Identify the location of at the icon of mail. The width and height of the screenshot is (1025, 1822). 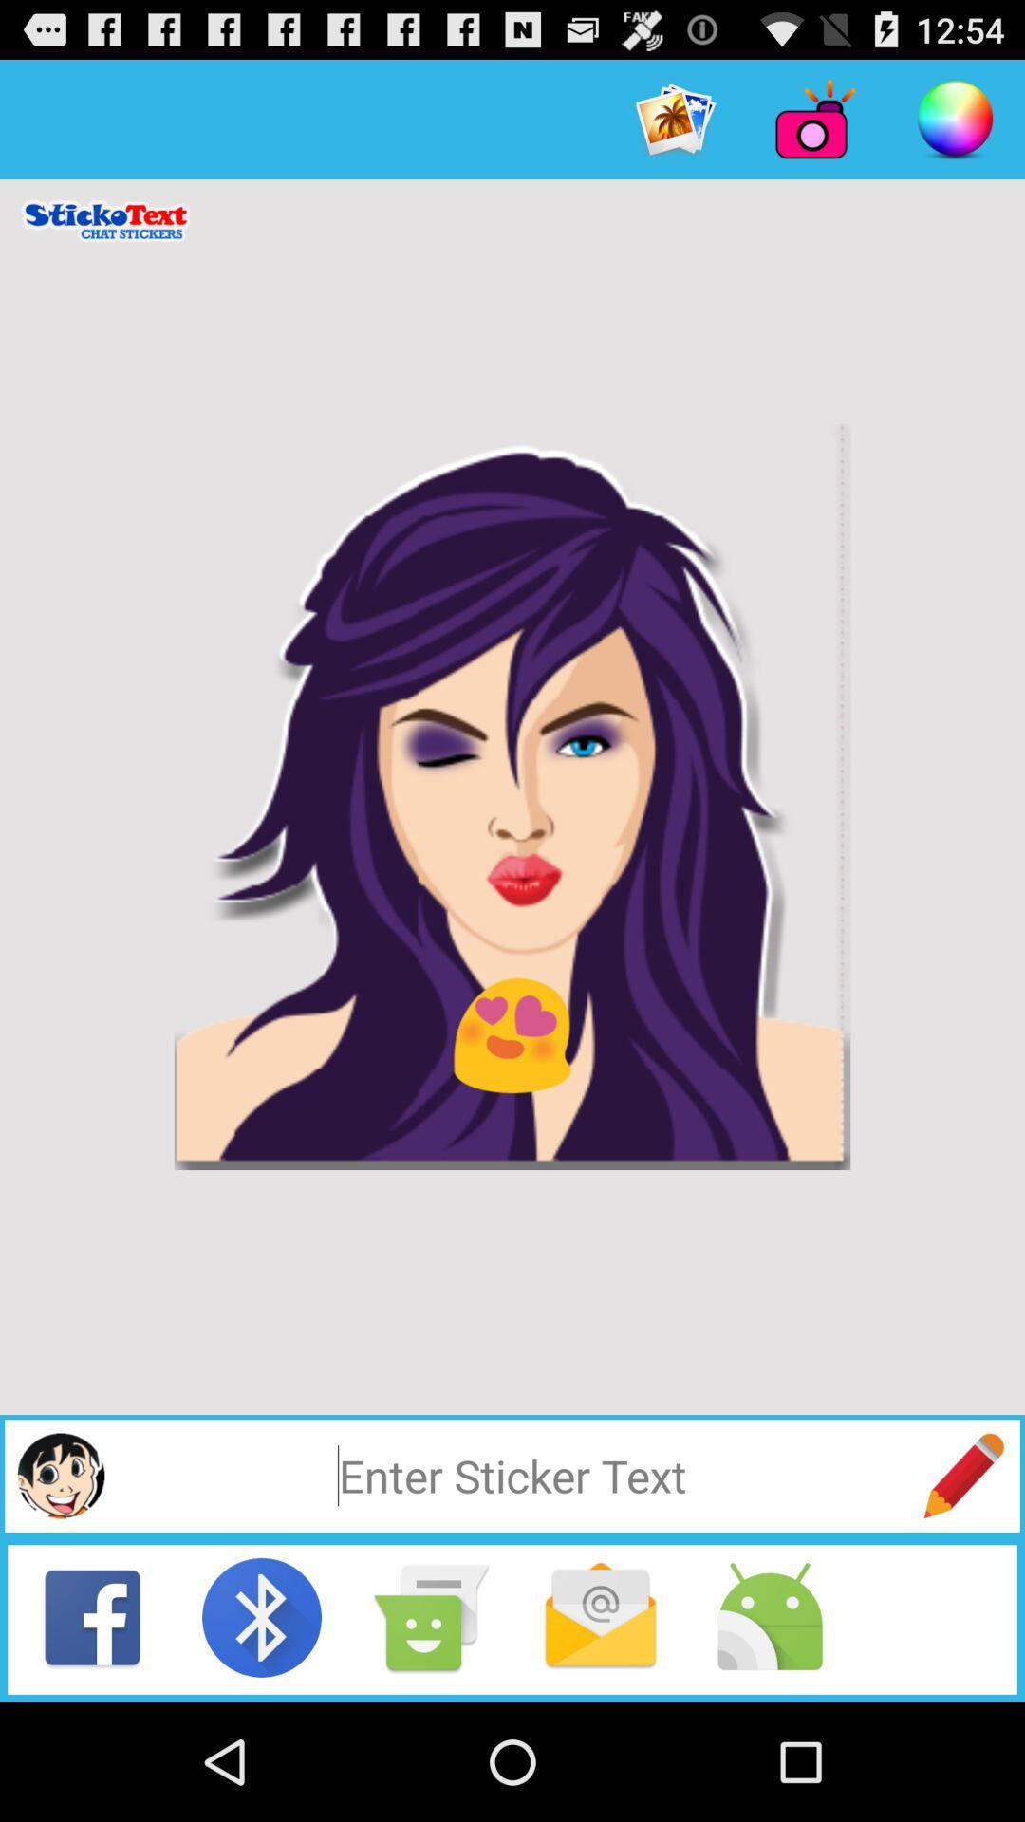
(600, 1616).